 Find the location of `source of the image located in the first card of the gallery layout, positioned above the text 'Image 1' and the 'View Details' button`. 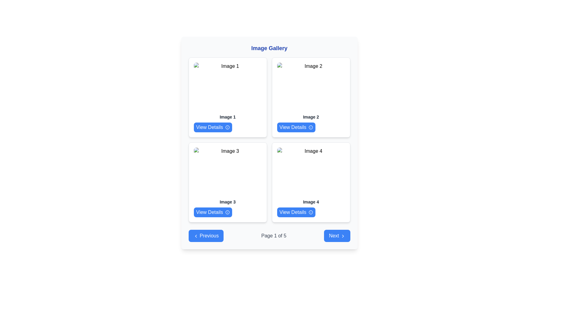

source of the image located in the first card of the gallery layout, positioned above the text 'Image 1' and the 'View Details' button is located at coordinates (227, 87).